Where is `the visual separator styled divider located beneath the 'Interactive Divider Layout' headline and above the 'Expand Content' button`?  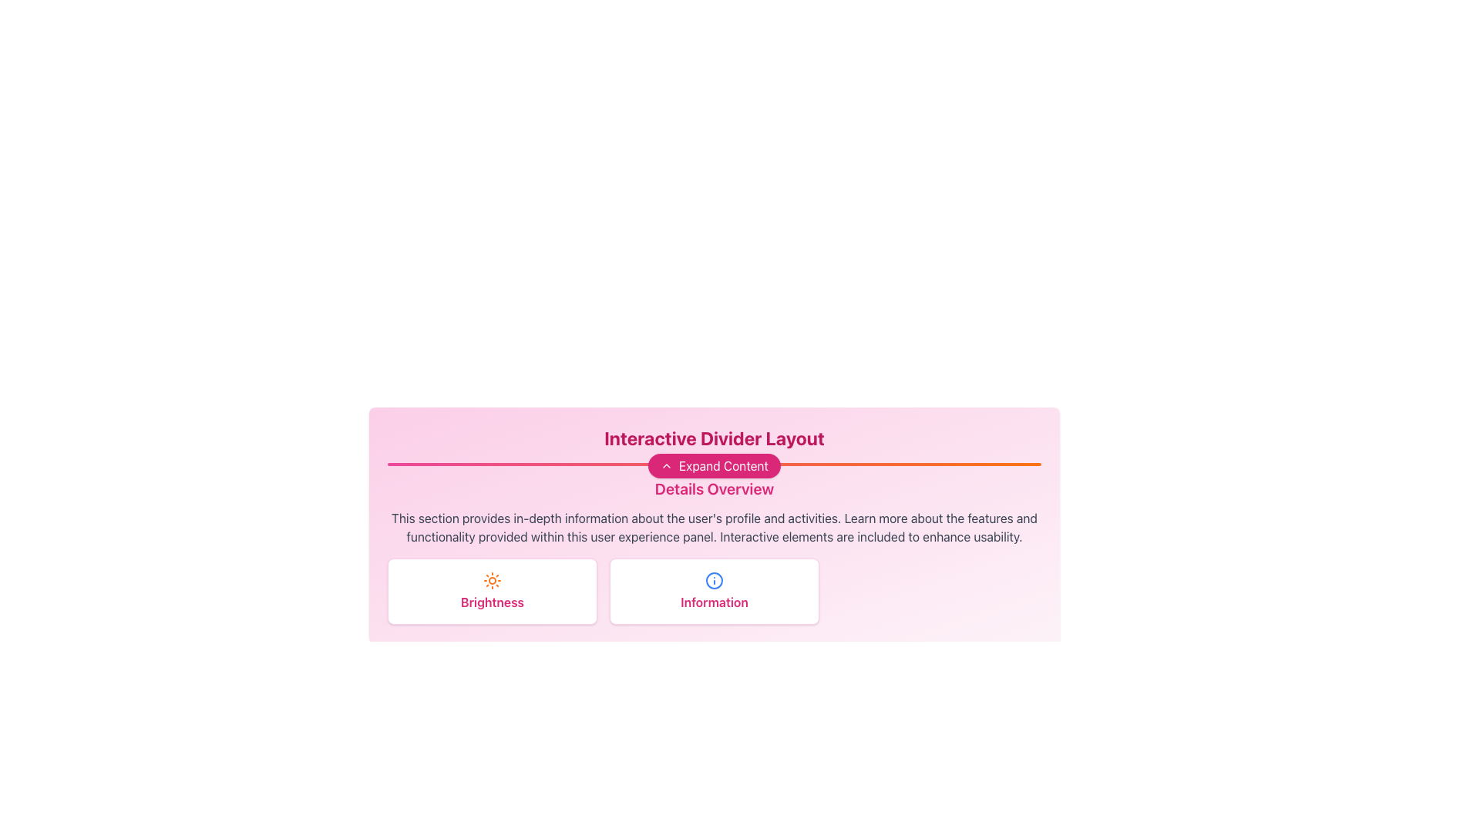
the visual separator styled divider located beneath the 'Interactive Divider Layout' headline and above the 'Expand Content' button is located at coordinates (713, 463).